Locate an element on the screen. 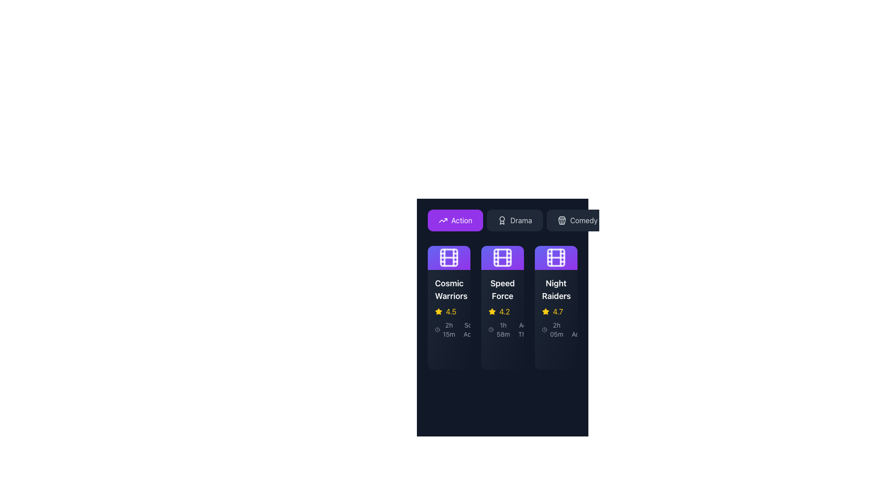  the SVG graphic icon that serves as a decorative representation within the UI, positioned at the center coordinates of the bounding box is located at coordinates (561, 221).